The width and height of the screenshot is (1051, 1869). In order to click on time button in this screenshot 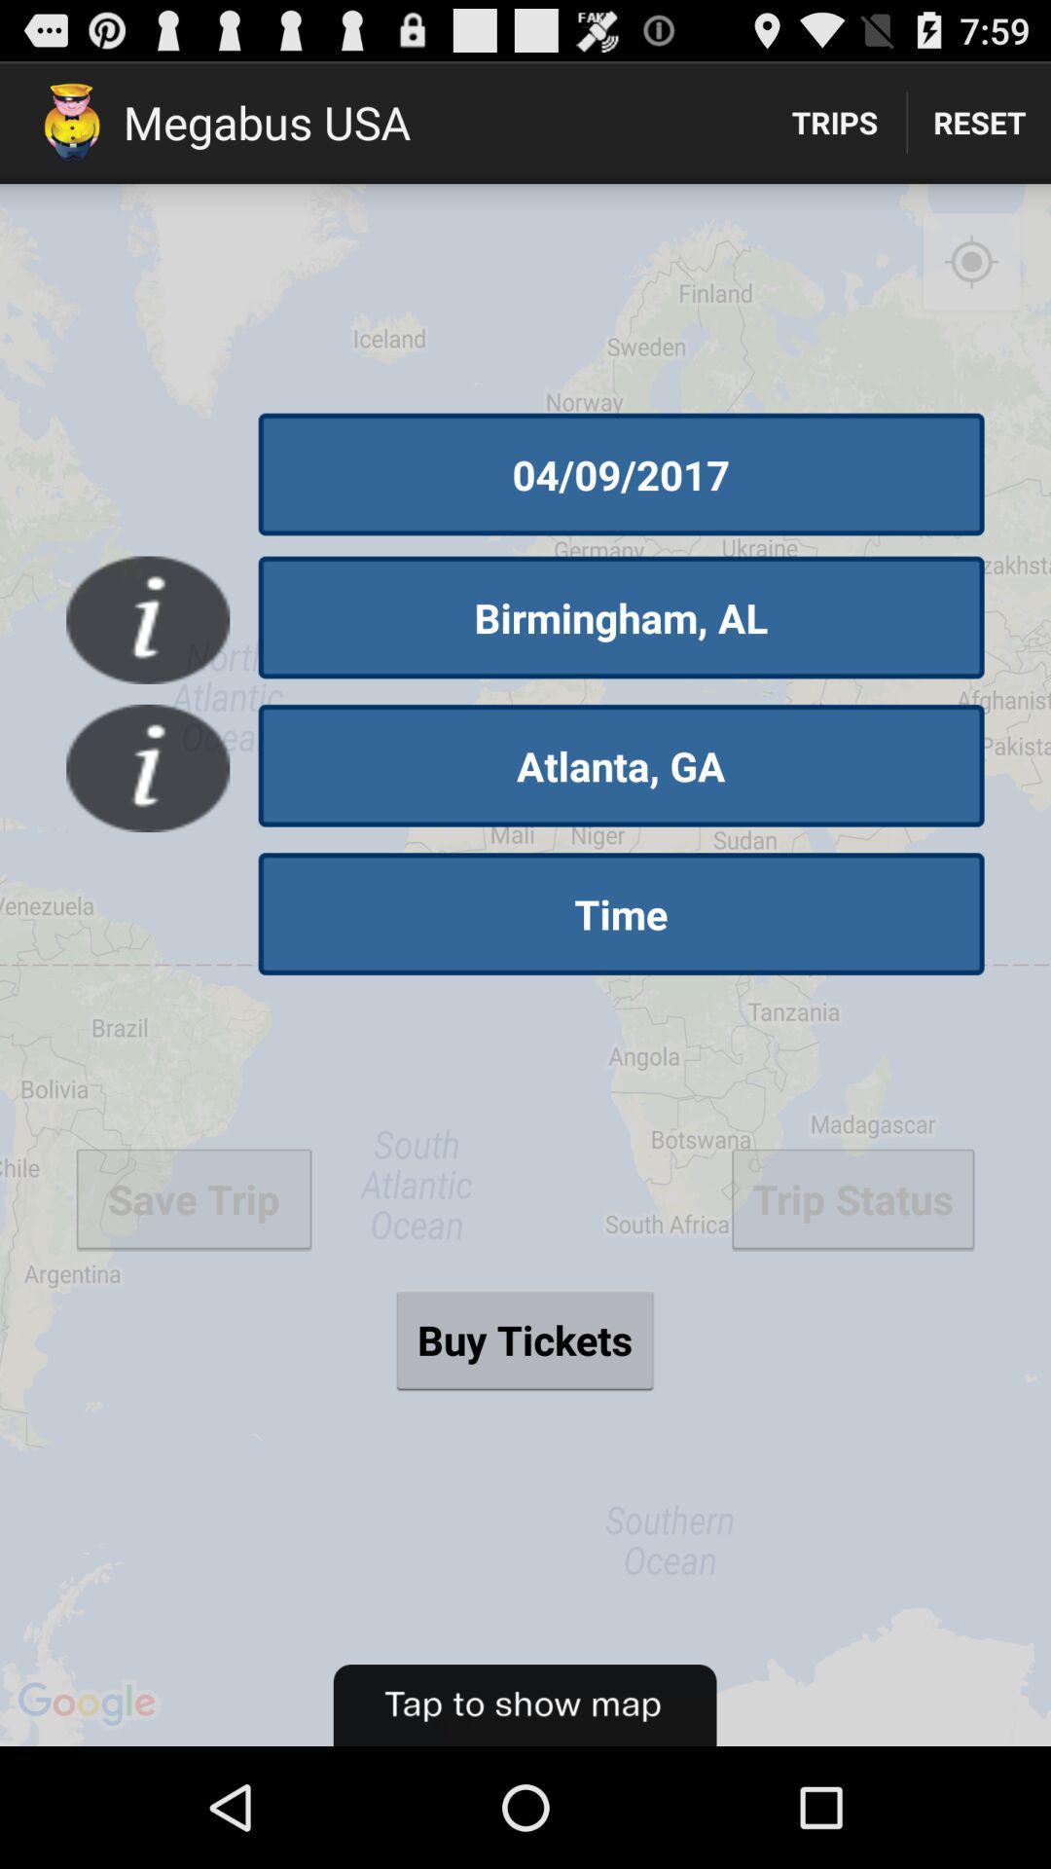, I will do `click(621, 913)`.